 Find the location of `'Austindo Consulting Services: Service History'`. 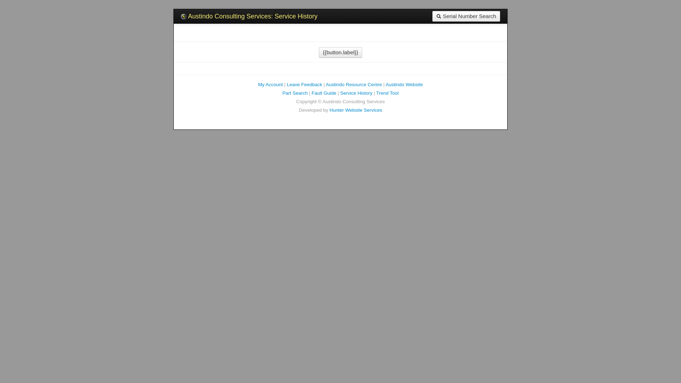

'Austindo Consulting Services: Service History' is located at coordinates (249, 16).